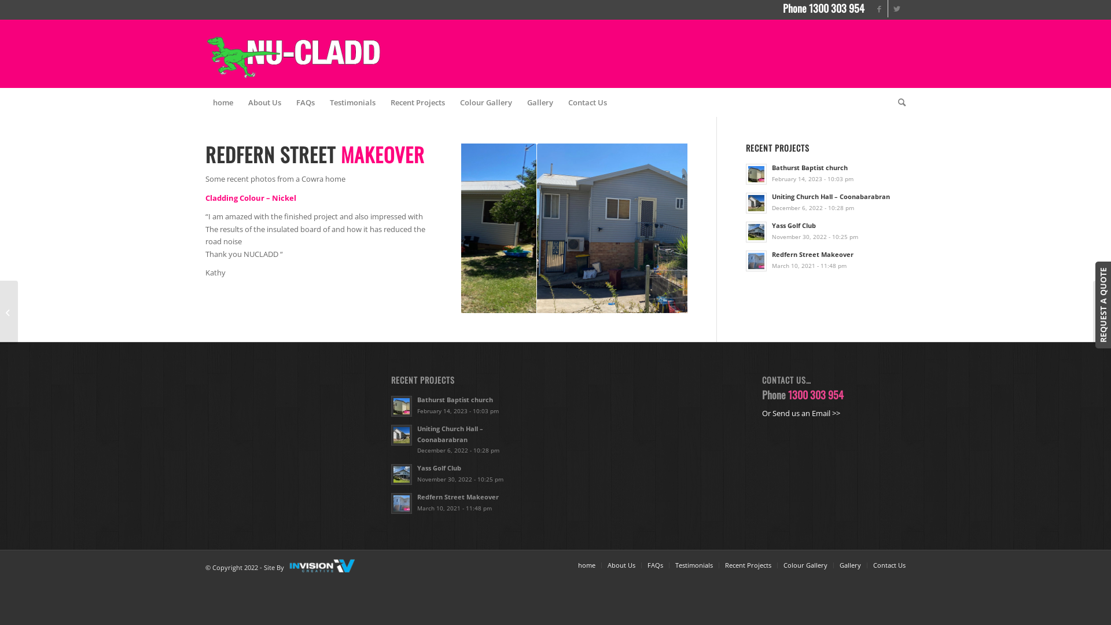 The height and width of the screenshot is (625, 1111). What do you see at coordinates (306, 102) in the screenshot?
I see `'FAQs'` at bounding box center [306, 102].